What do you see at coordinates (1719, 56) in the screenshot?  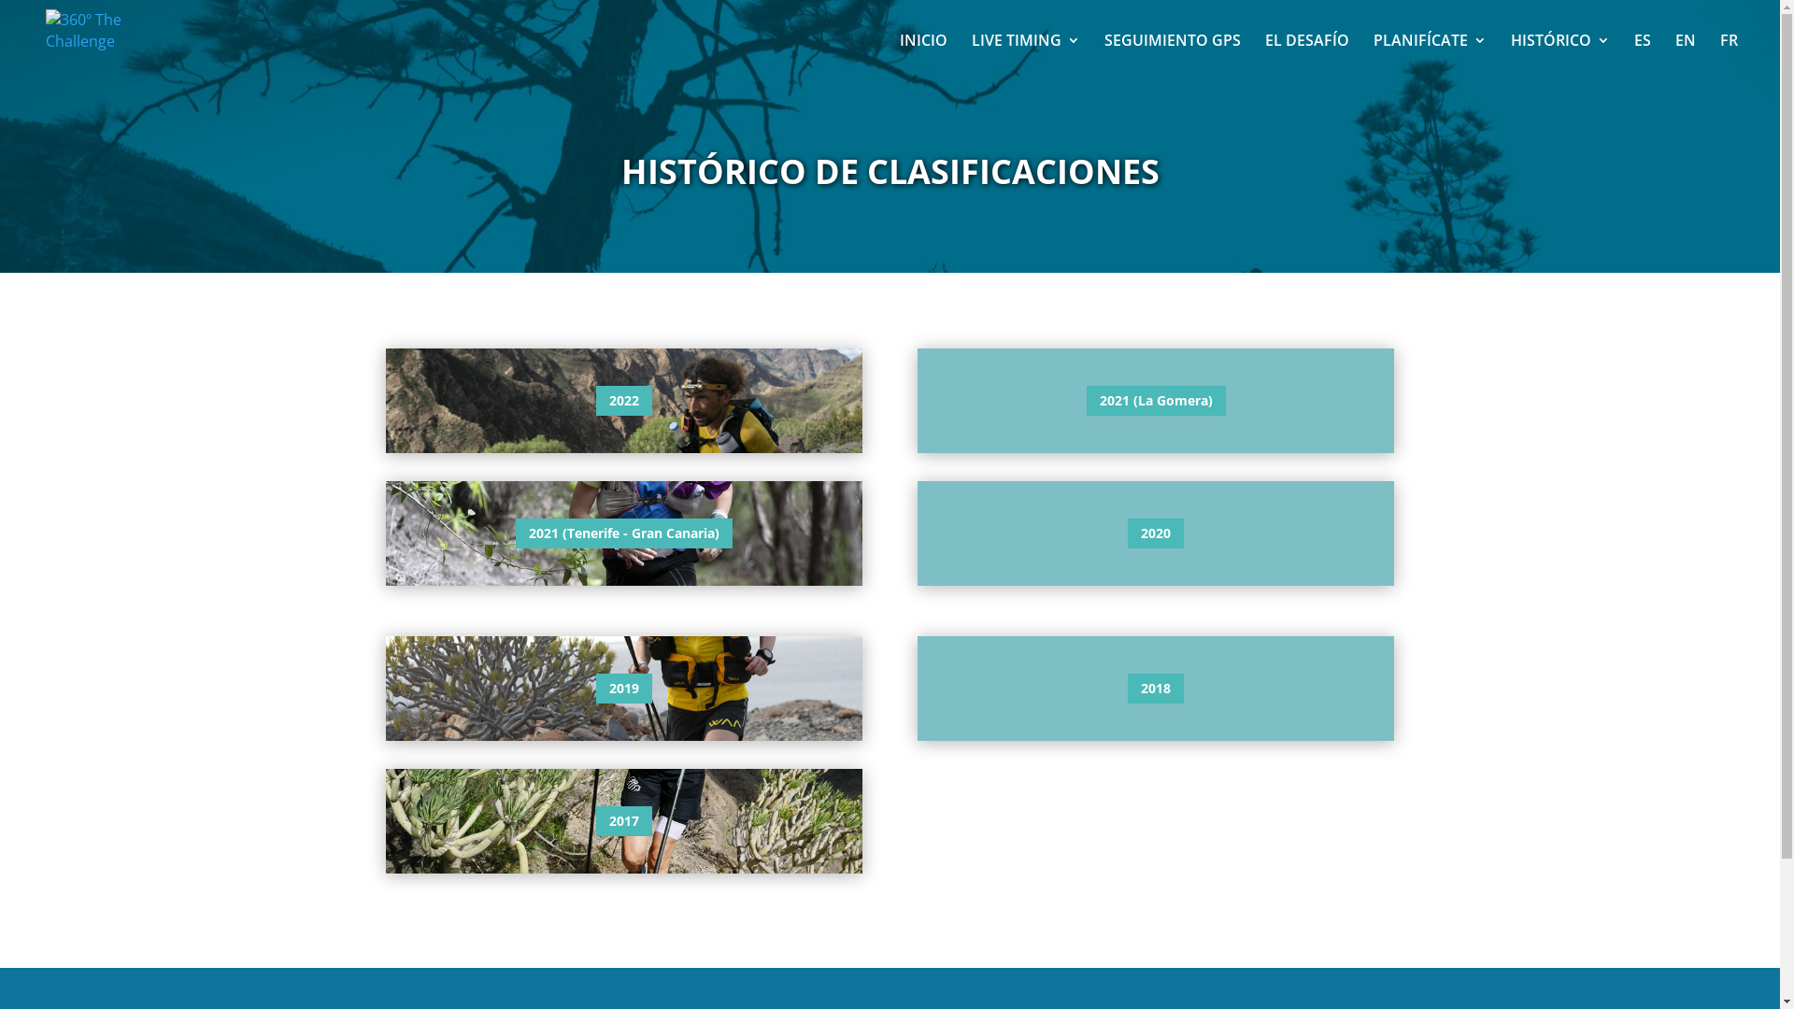 I see `'FR'` at bounding box center [1719, 56].